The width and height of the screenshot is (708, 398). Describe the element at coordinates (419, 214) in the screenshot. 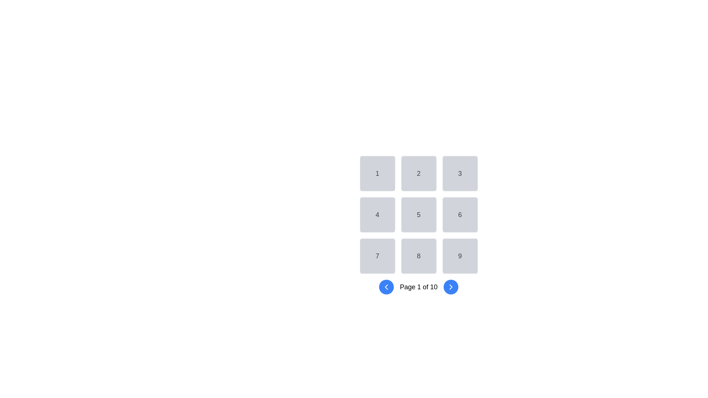

I see `the Static Display Element containing the number '5' in the center of a 3x3 grid layout` at that location.